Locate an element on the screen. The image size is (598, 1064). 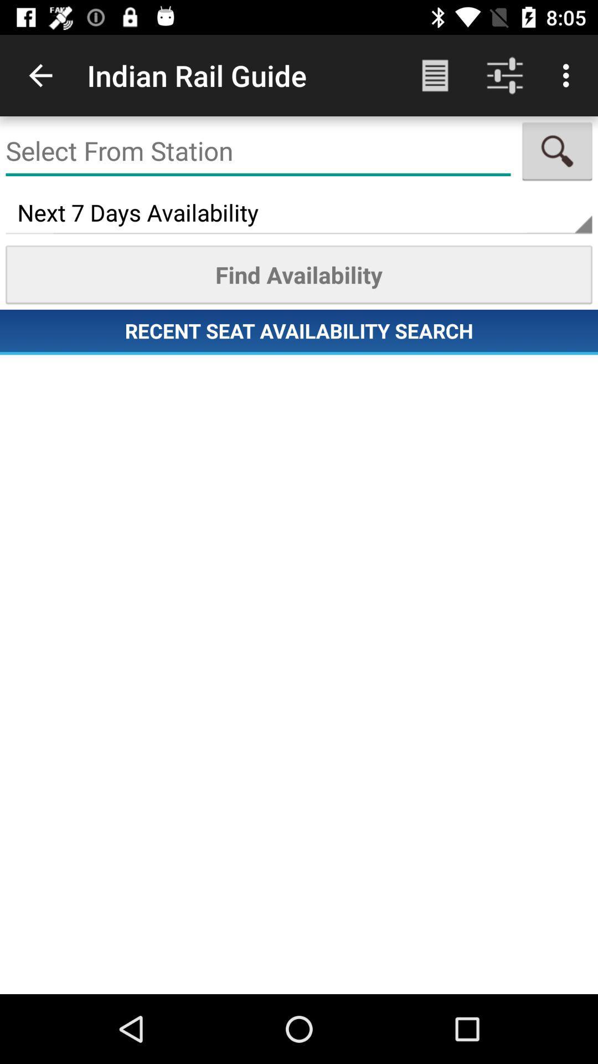
the item above recent seat availability icon is located at coordinates (299, 274).